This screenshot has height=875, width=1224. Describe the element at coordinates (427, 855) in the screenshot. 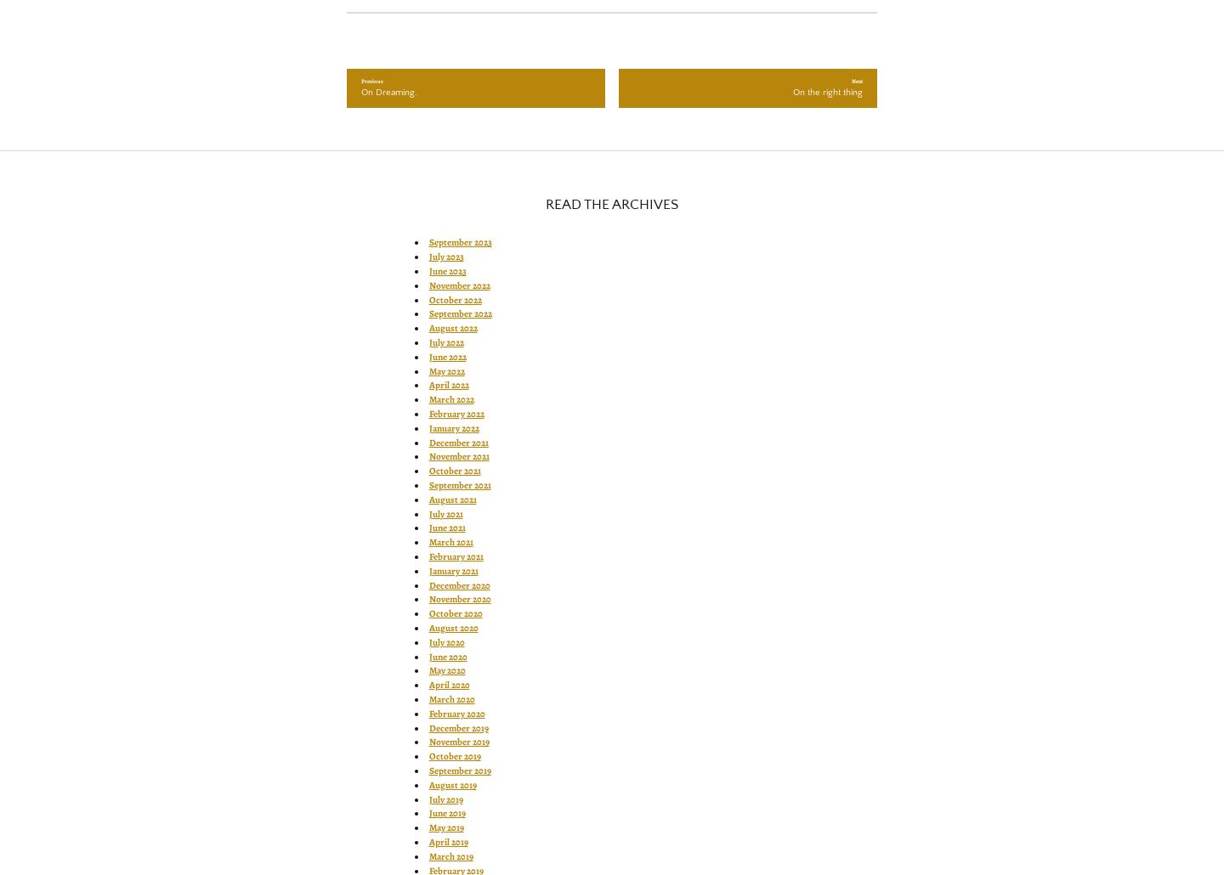

I see `'March 2019'` at that location.